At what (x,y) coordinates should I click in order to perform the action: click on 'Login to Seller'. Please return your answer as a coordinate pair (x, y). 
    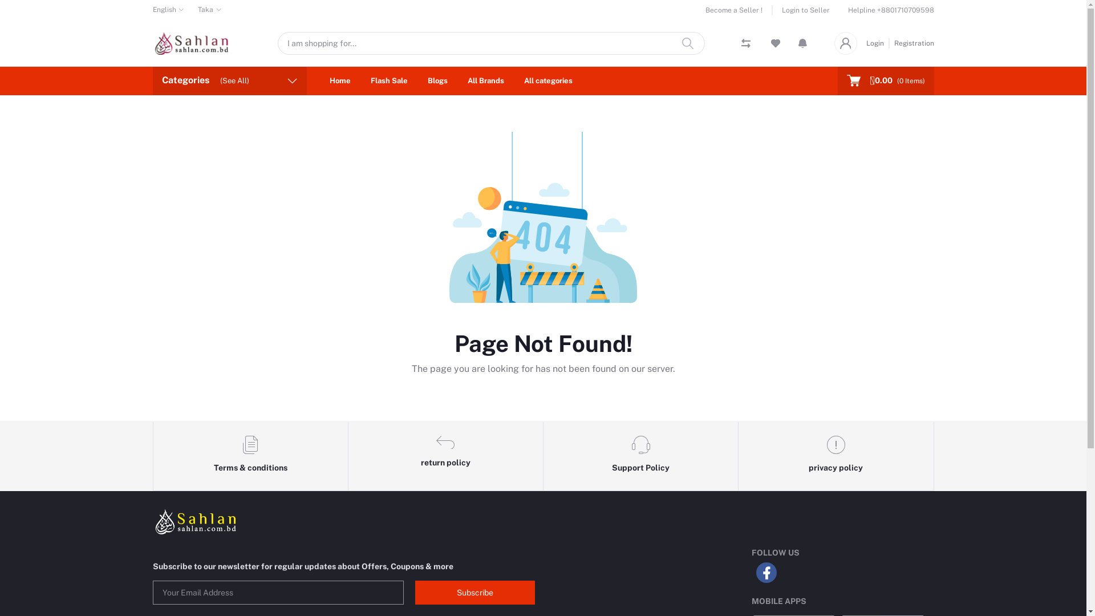
    Looking at the image, I should click on (800, 10).